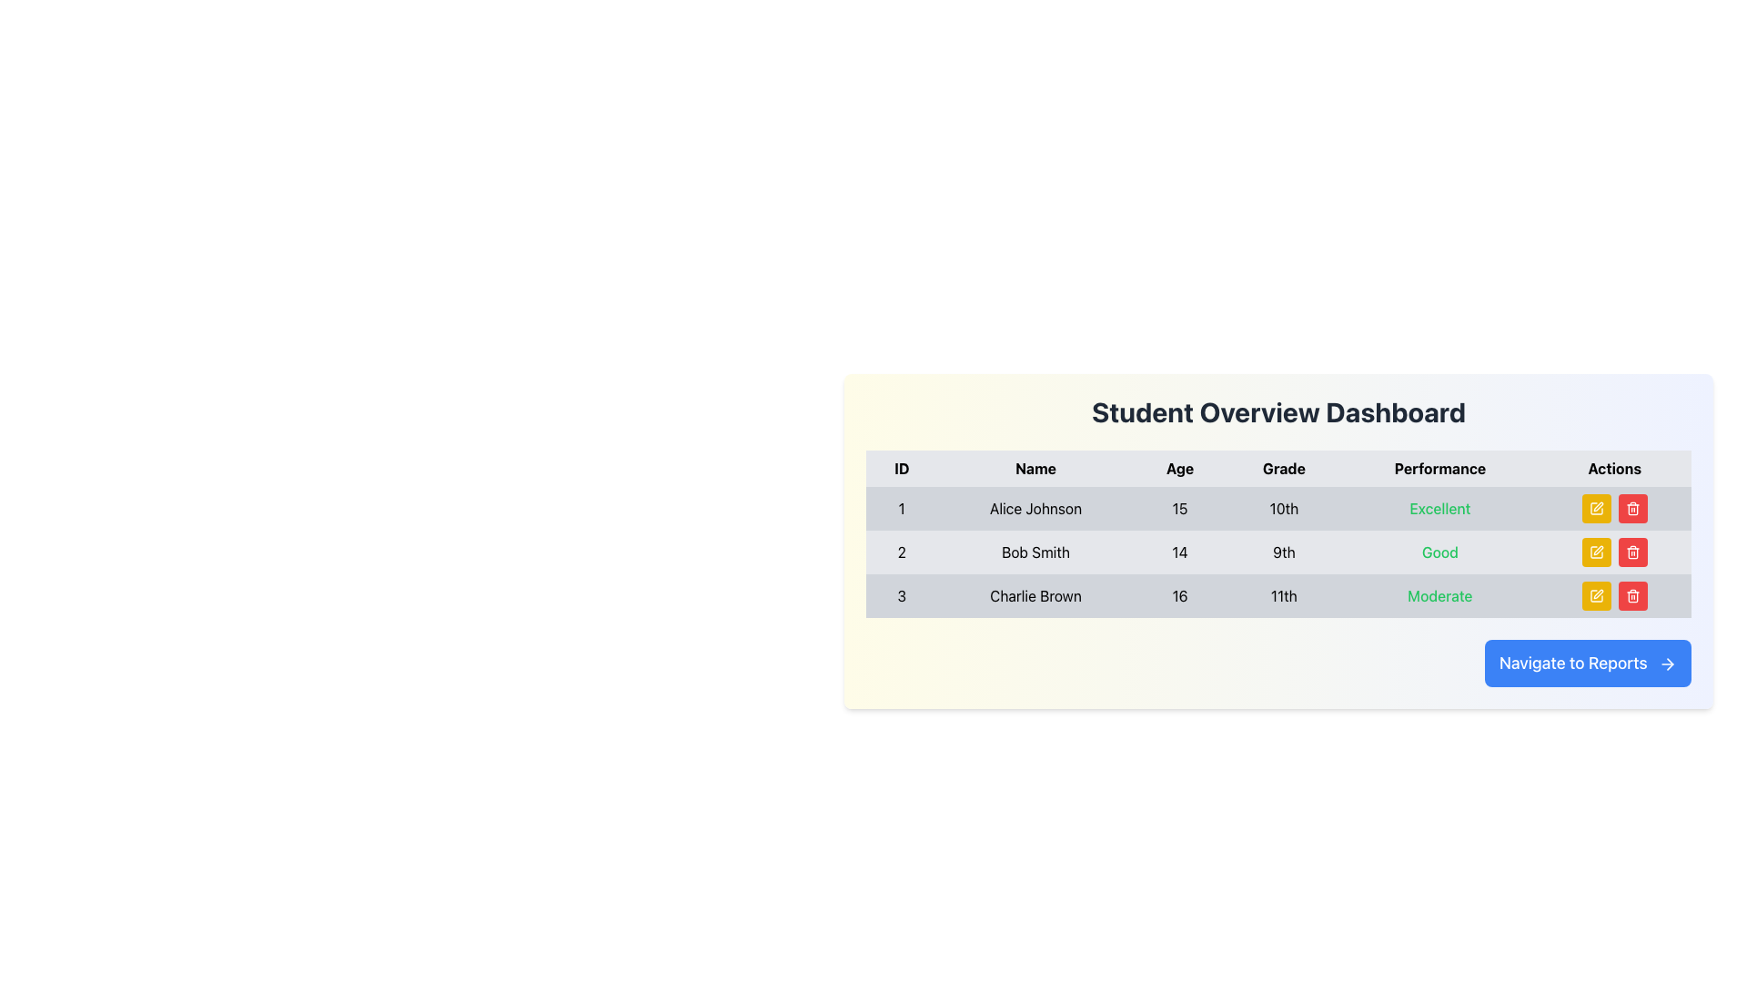  What do you see at coordinates (1035, 509) in the screenshot?
I see `the Text label displaying 'Alice Johnson' in black font located in the 'Name' column of the first student entry in the Student Overview Dashboard` at bounding box center [1035, 509].